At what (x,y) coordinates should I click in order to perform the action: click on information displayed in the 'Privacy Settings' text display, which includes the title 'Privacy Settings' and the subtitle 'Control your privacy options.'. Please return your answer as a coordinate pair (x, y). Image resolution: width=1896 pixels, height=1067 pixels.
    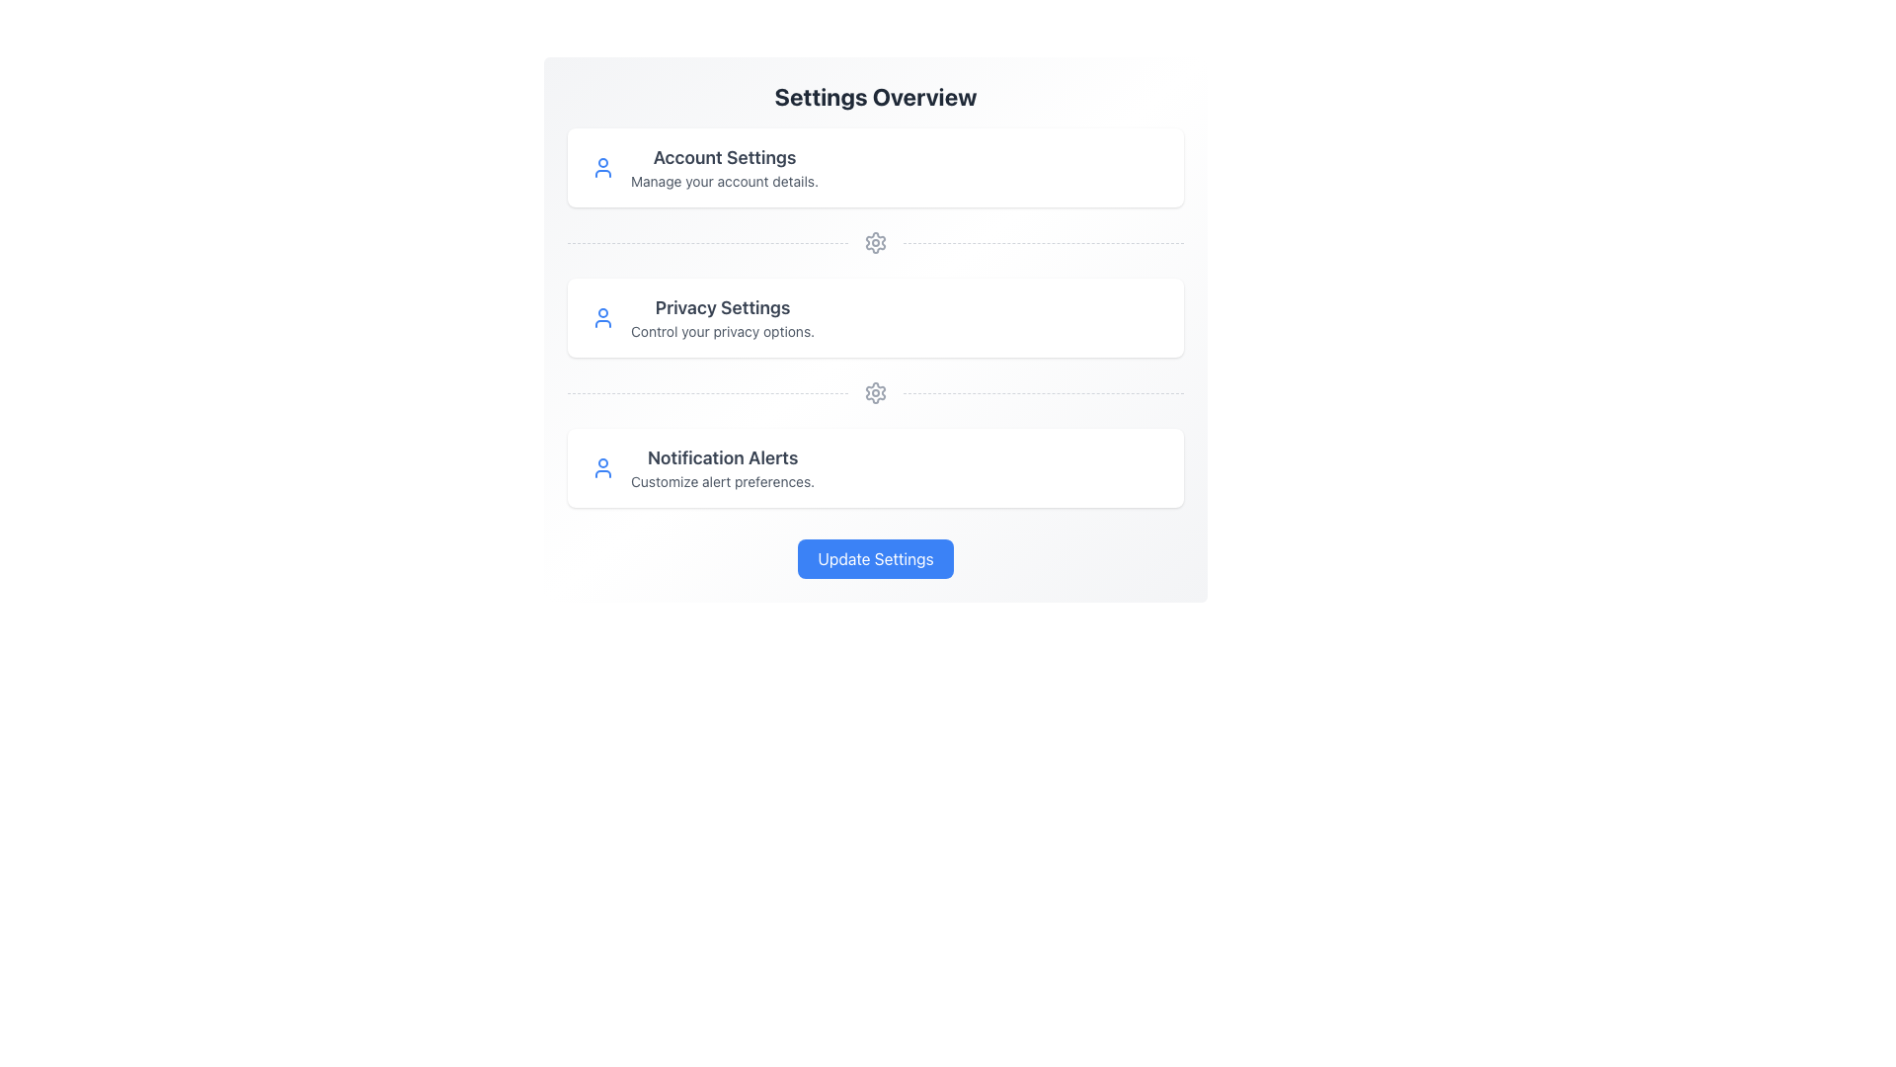
    Looking at the image, I should click on (722, 316).